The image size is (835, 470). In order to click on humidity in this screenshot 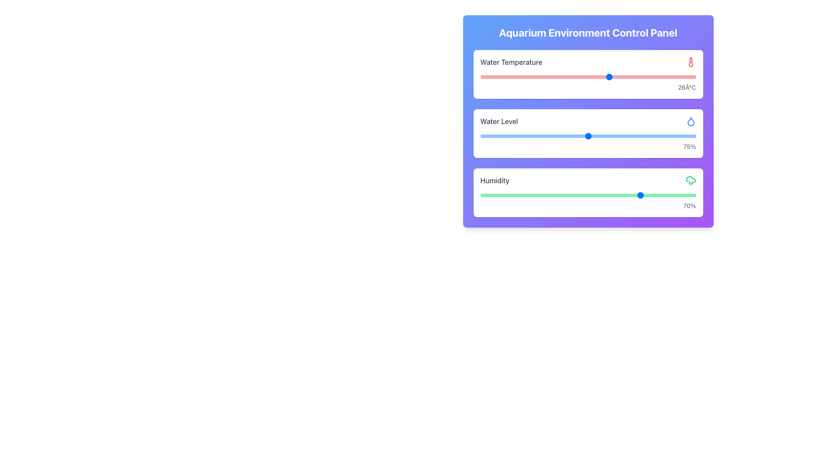, I will do `click(555, 195)`.